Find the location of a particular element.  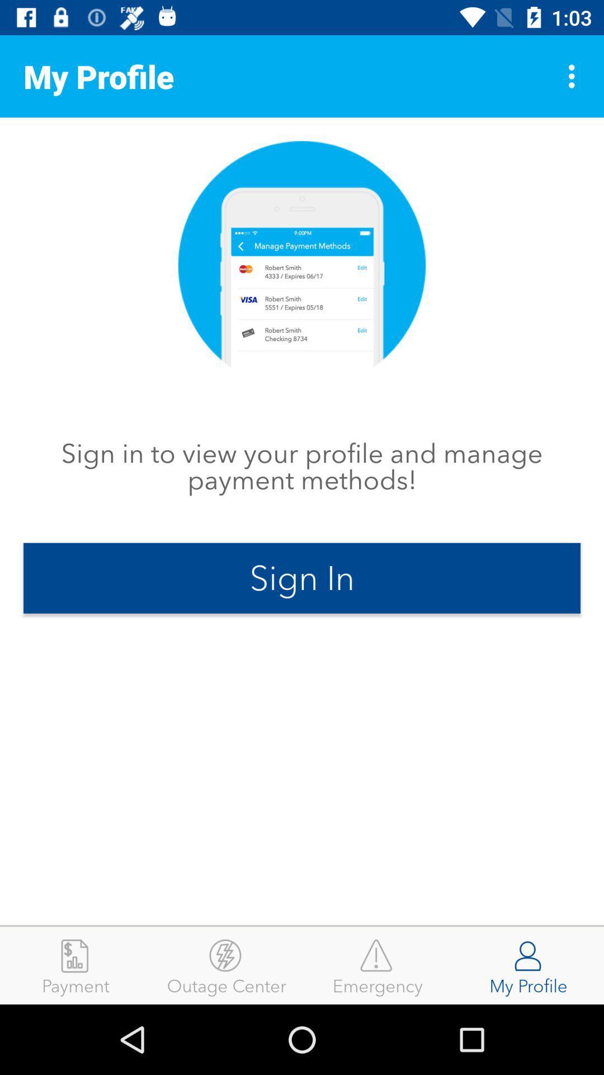

item next to payment is located at coordinates (226, 965).